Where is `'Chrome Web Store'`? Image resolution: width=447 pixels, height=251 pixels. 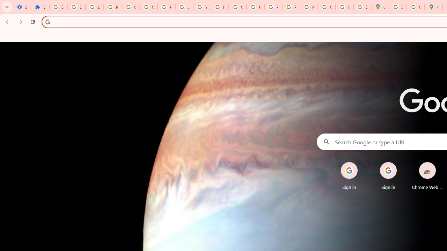 'Chrome Web Store' is located at coordinates (427, 176).